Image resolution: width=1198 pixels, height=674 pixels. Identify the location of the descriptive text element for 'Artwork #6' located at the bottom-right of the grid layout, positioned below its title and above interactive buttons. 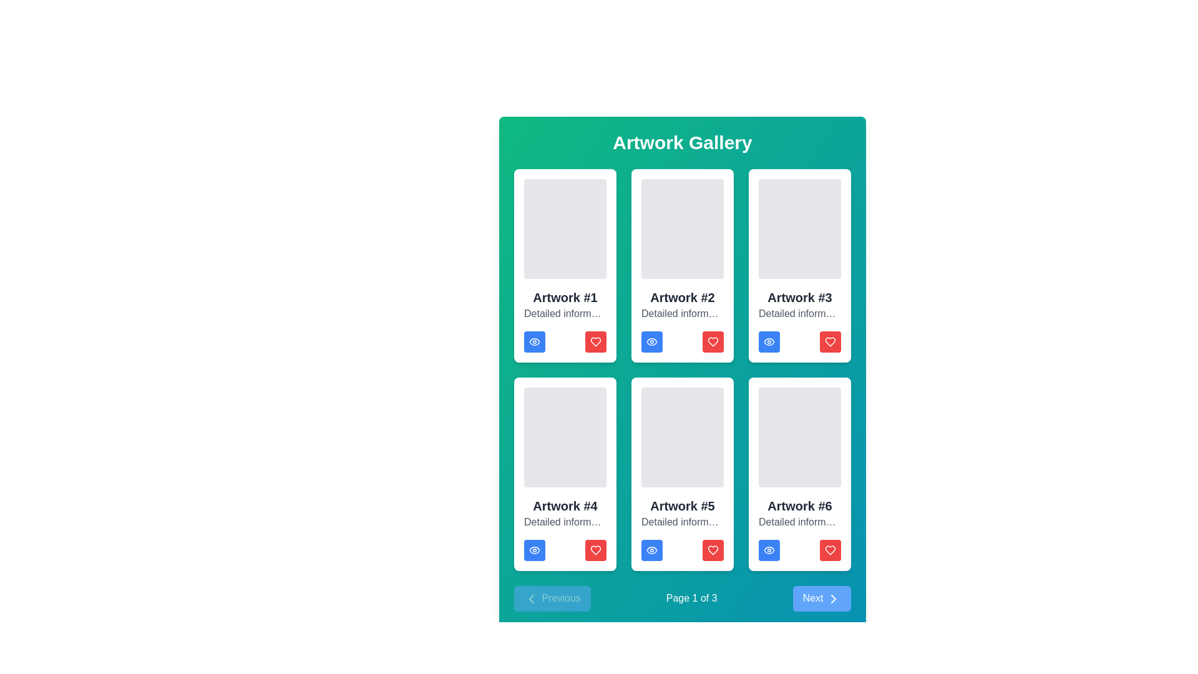
(799, 522).